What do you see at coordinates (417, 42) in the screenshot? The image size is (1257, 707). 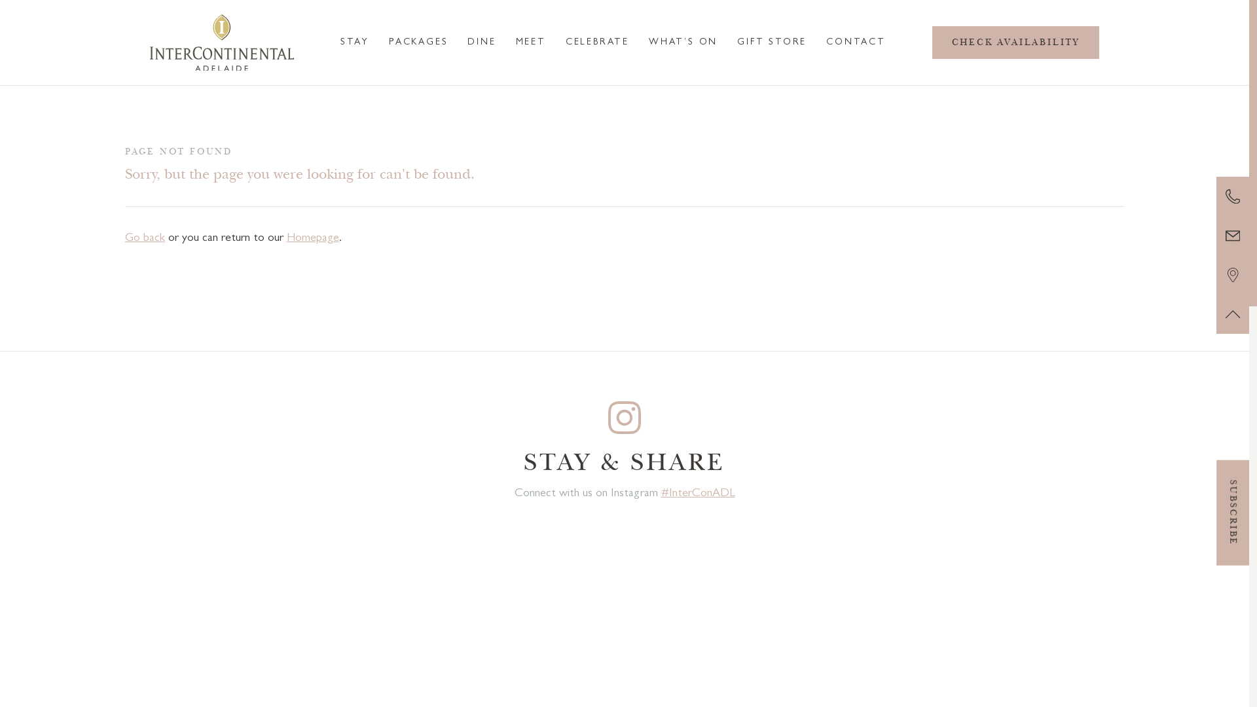 I see `'PACKAGES'` at bounding box center [417, 42].